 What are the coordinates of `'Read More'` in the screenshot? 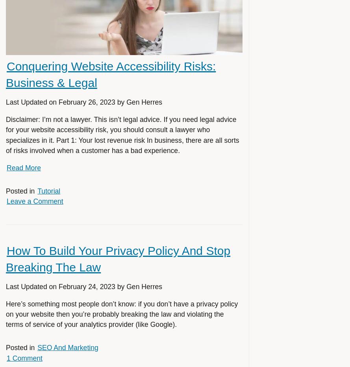 It's located at (24, 167).